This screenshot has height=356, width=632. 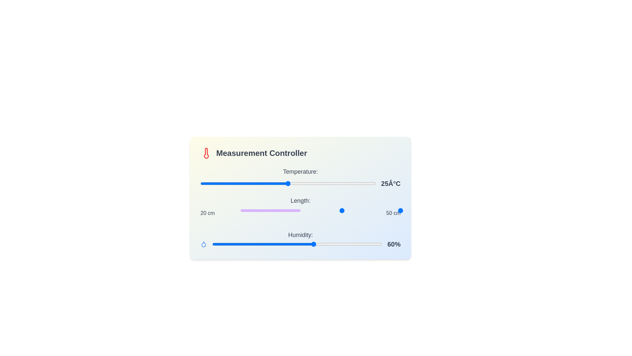 What do you see at coordinates (351, 183) in the screenshot?
I see `the slider` at bounding box center [351, 183].